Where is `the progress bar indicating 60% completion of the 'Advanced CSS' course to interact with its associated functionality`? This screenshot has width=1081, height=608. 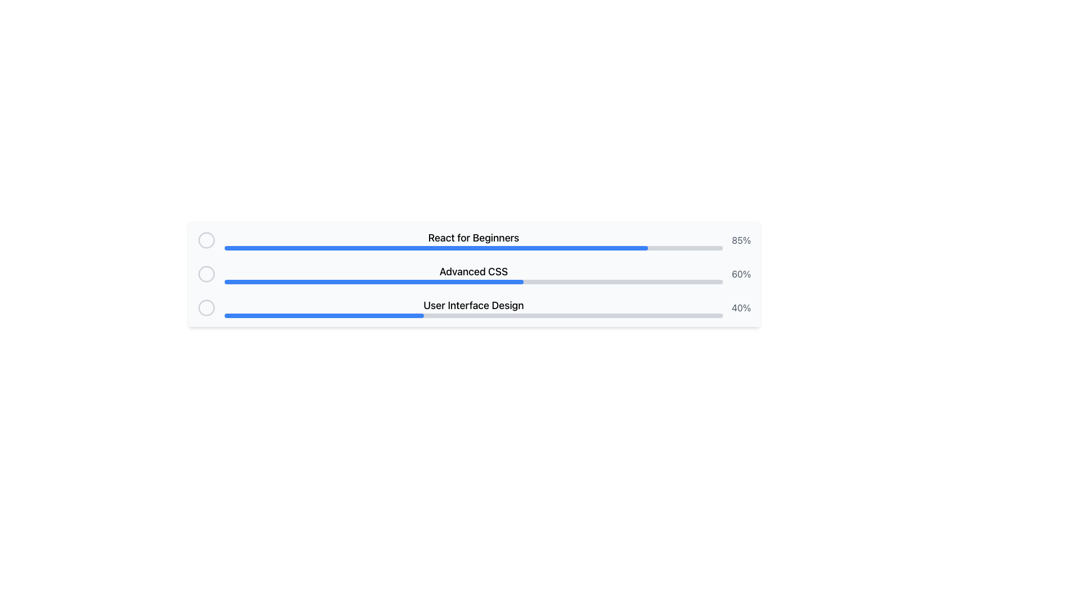
the progress bar indicating 60% completion of the 'Advanced CSS' course to interact with its associated functionality is located at coordinates (474, 274).